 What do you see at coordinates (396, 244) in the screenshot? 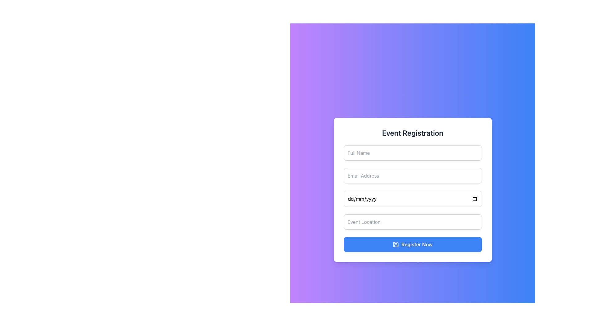
I see `the floppy disk icon located inside the 'Register Now' button, which indicates a 'save' action` at bounding box center [396, 244].